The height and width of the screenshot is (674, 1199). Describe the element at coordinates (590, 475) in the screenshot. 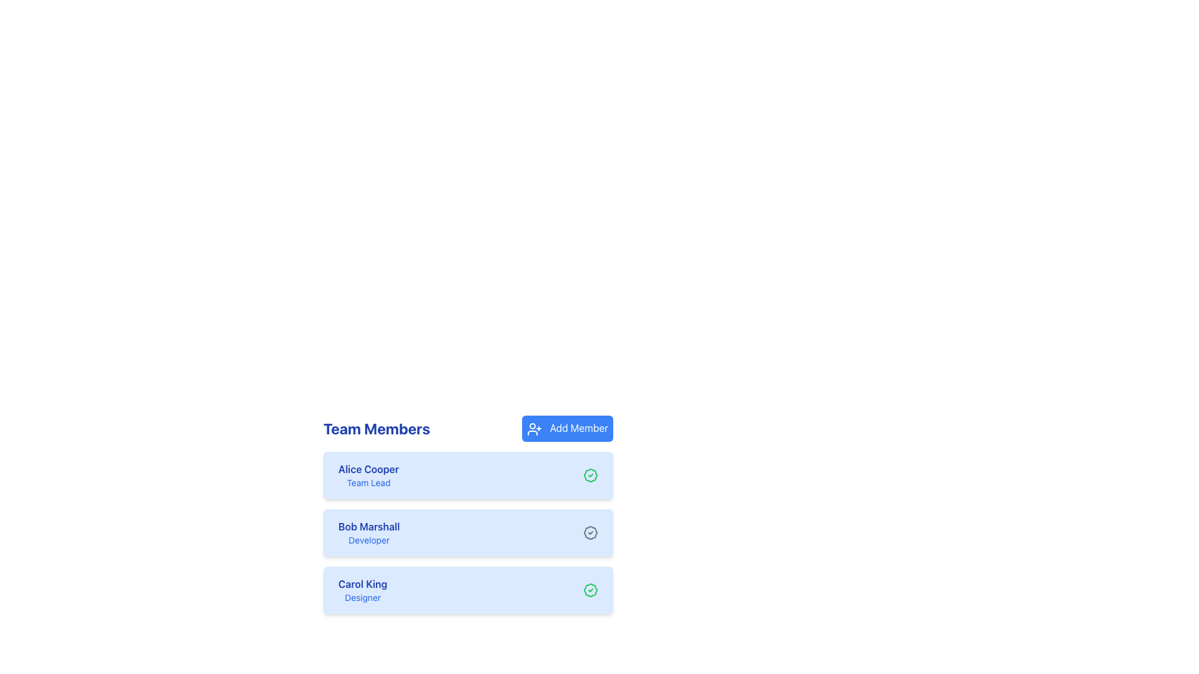

I see `the completed state icon for the user 'Carol King' located in the rightmost position of the third list item under 'Team Members'` at that location.